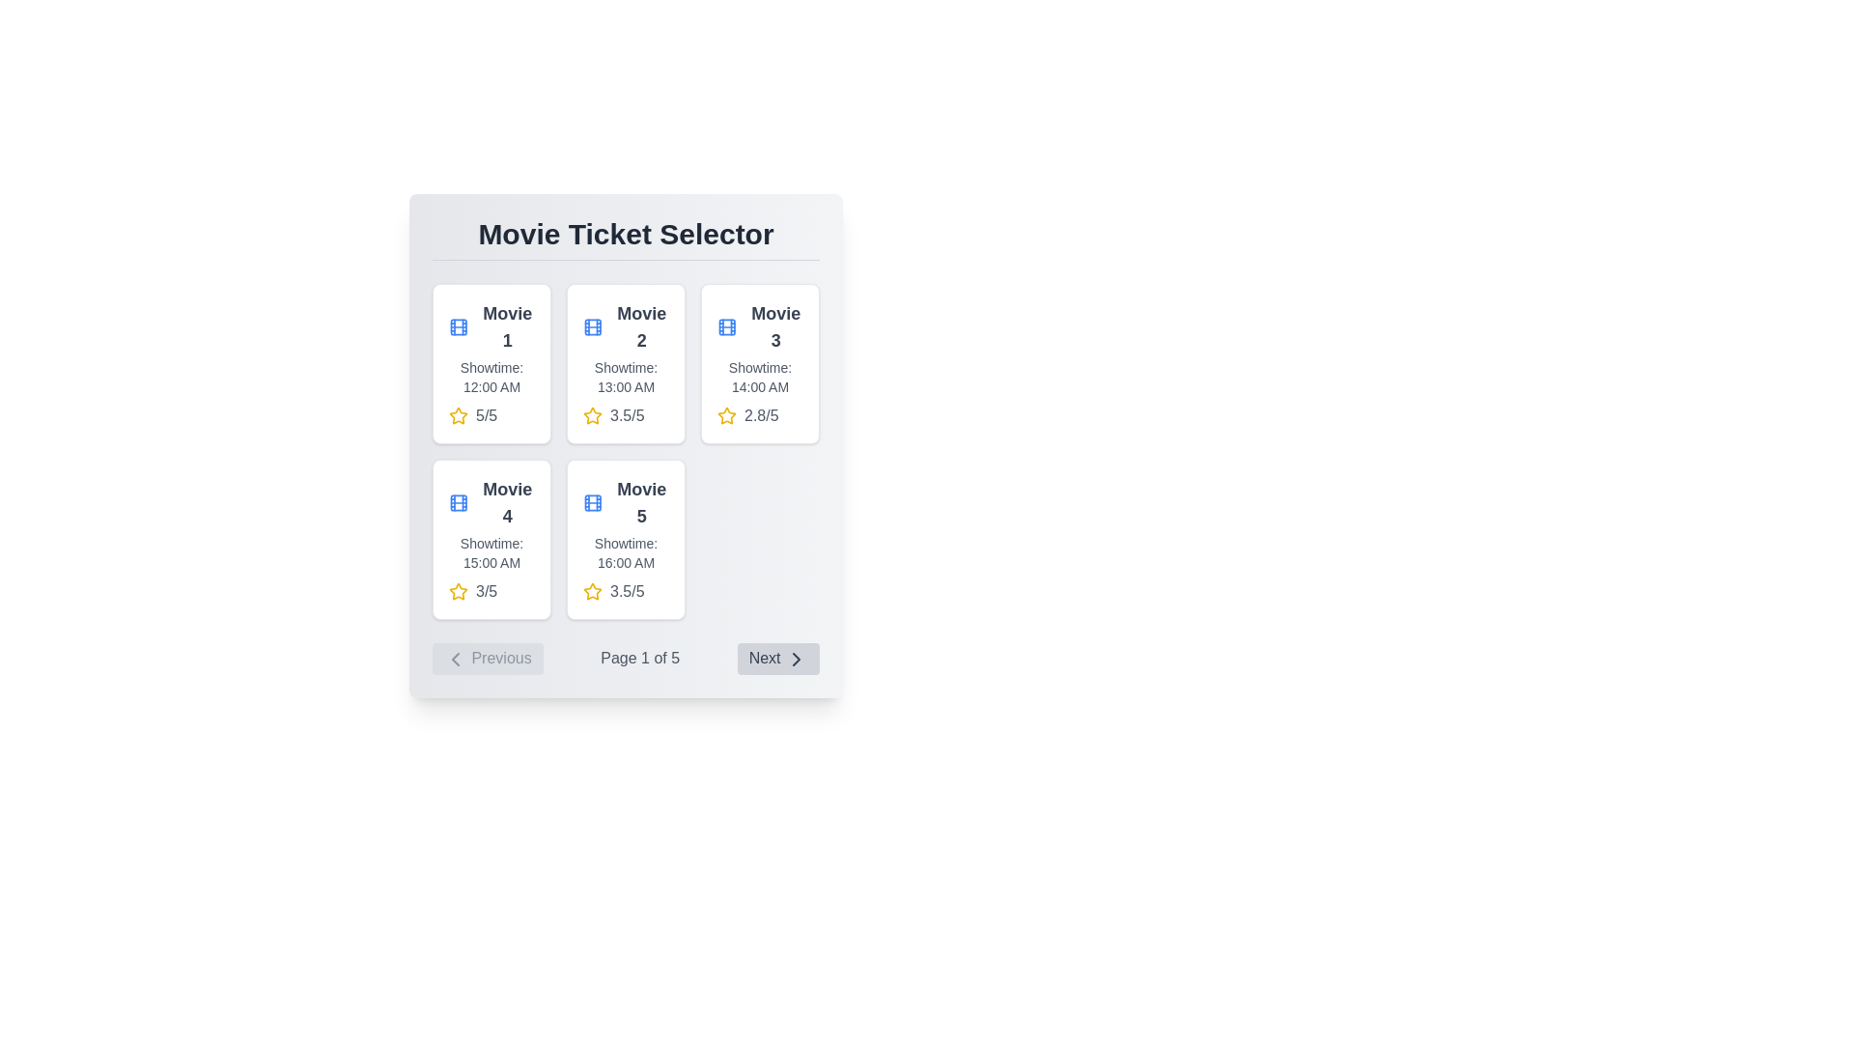  Describe the element at coordinates (592, 415) in the screenshot. I see `the star icon with a yellow border that signifies a 3.5/5 rating in the 'Movie 2' card` at that location.